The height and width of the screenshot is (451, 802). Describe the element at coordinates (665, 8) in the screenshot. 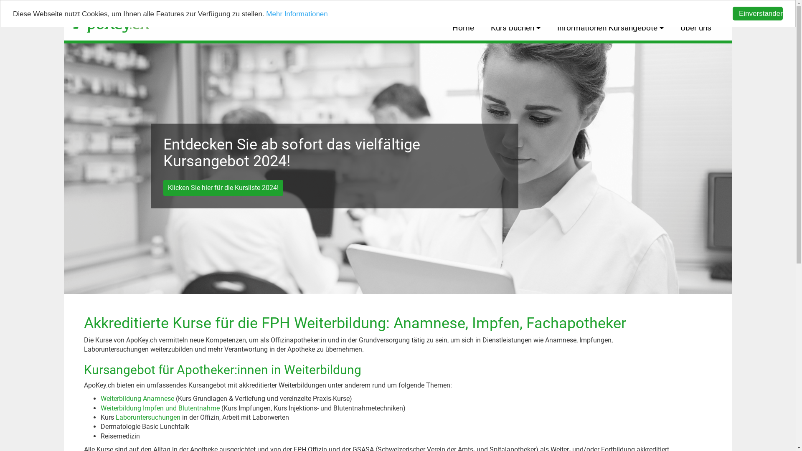

I see `'Login'` at that location.